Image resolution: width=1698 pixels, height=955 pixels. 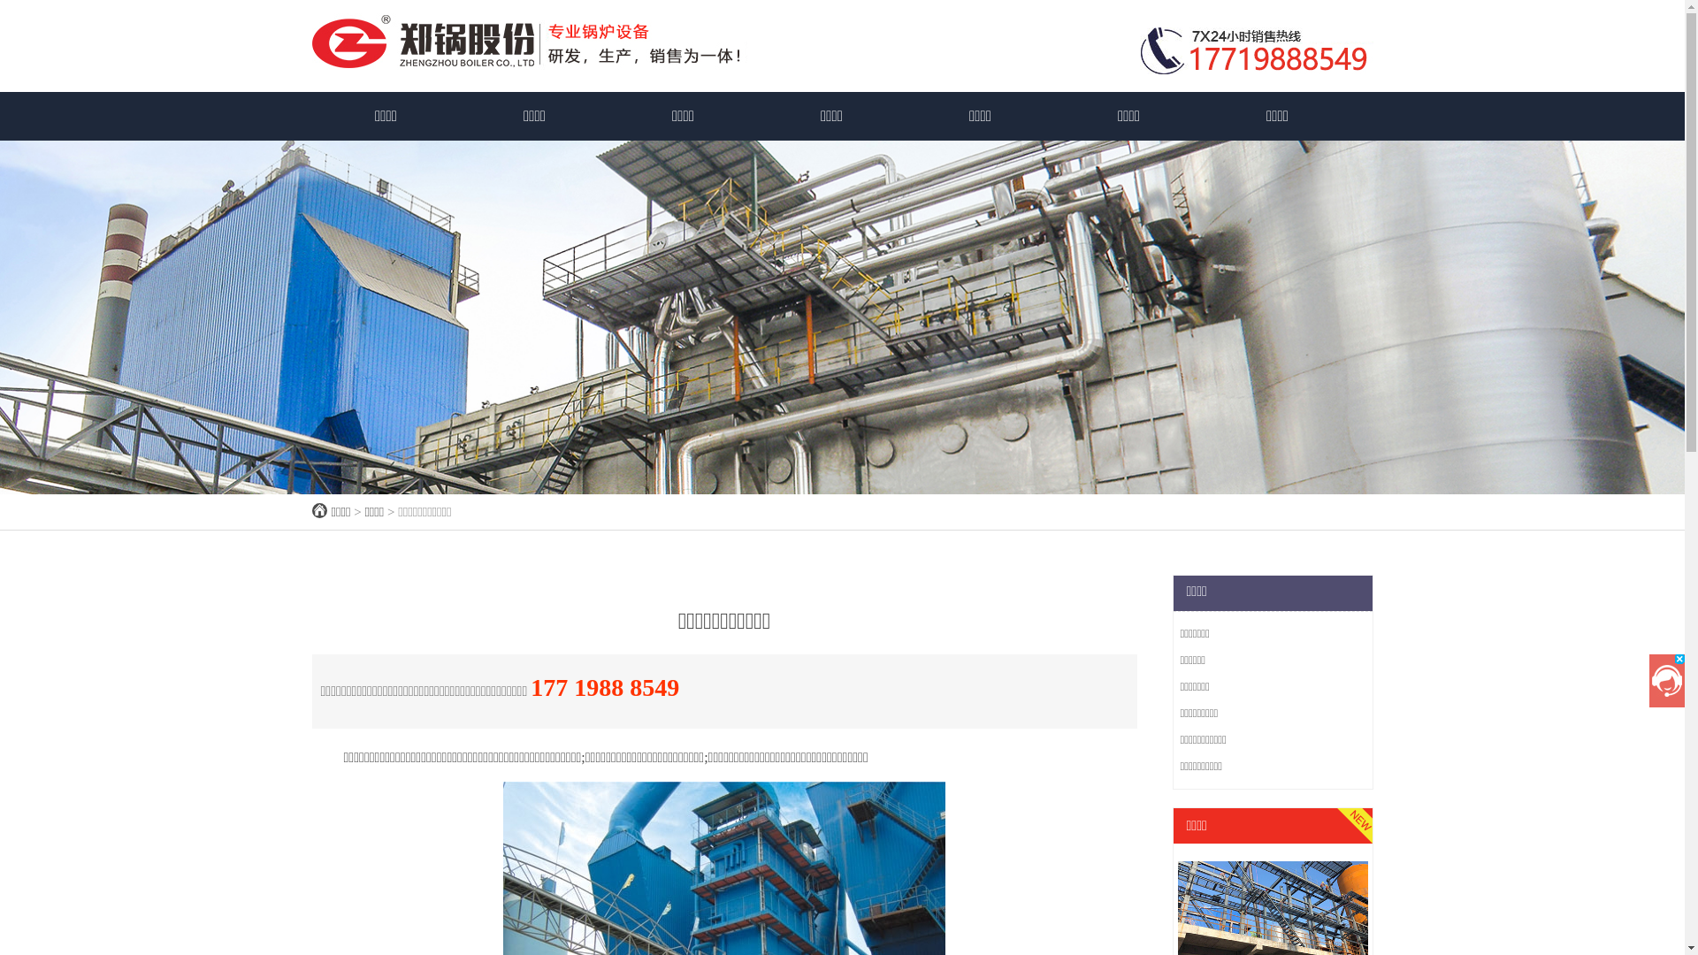 I want to click on '177 1988 8549', so click(x=530, y=686).